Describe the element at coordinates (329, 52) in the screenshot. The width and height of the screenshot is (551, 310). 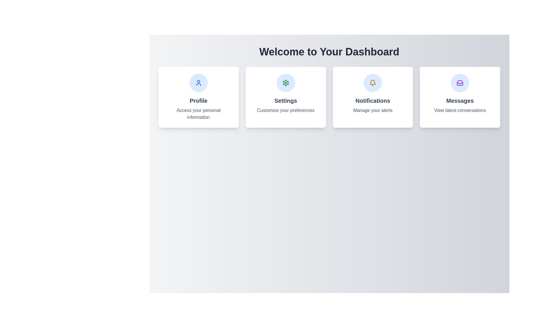
I see `the title text element located at the top of the dashboard interface, which serves as a welcoming header for the user` at that location.